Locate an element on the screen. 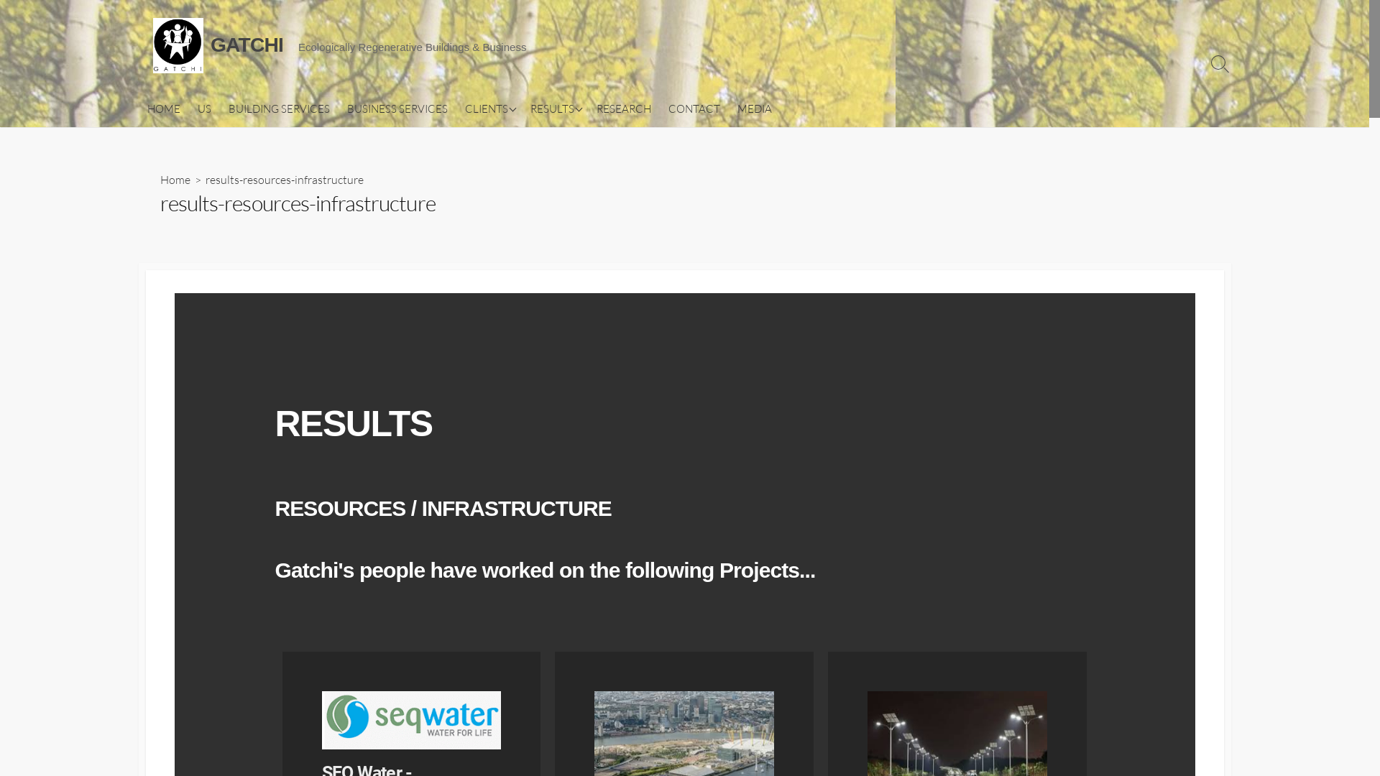 The height and width of the screenshot is (776, 1380). 'Homes' is located at coordinates (527, 106).